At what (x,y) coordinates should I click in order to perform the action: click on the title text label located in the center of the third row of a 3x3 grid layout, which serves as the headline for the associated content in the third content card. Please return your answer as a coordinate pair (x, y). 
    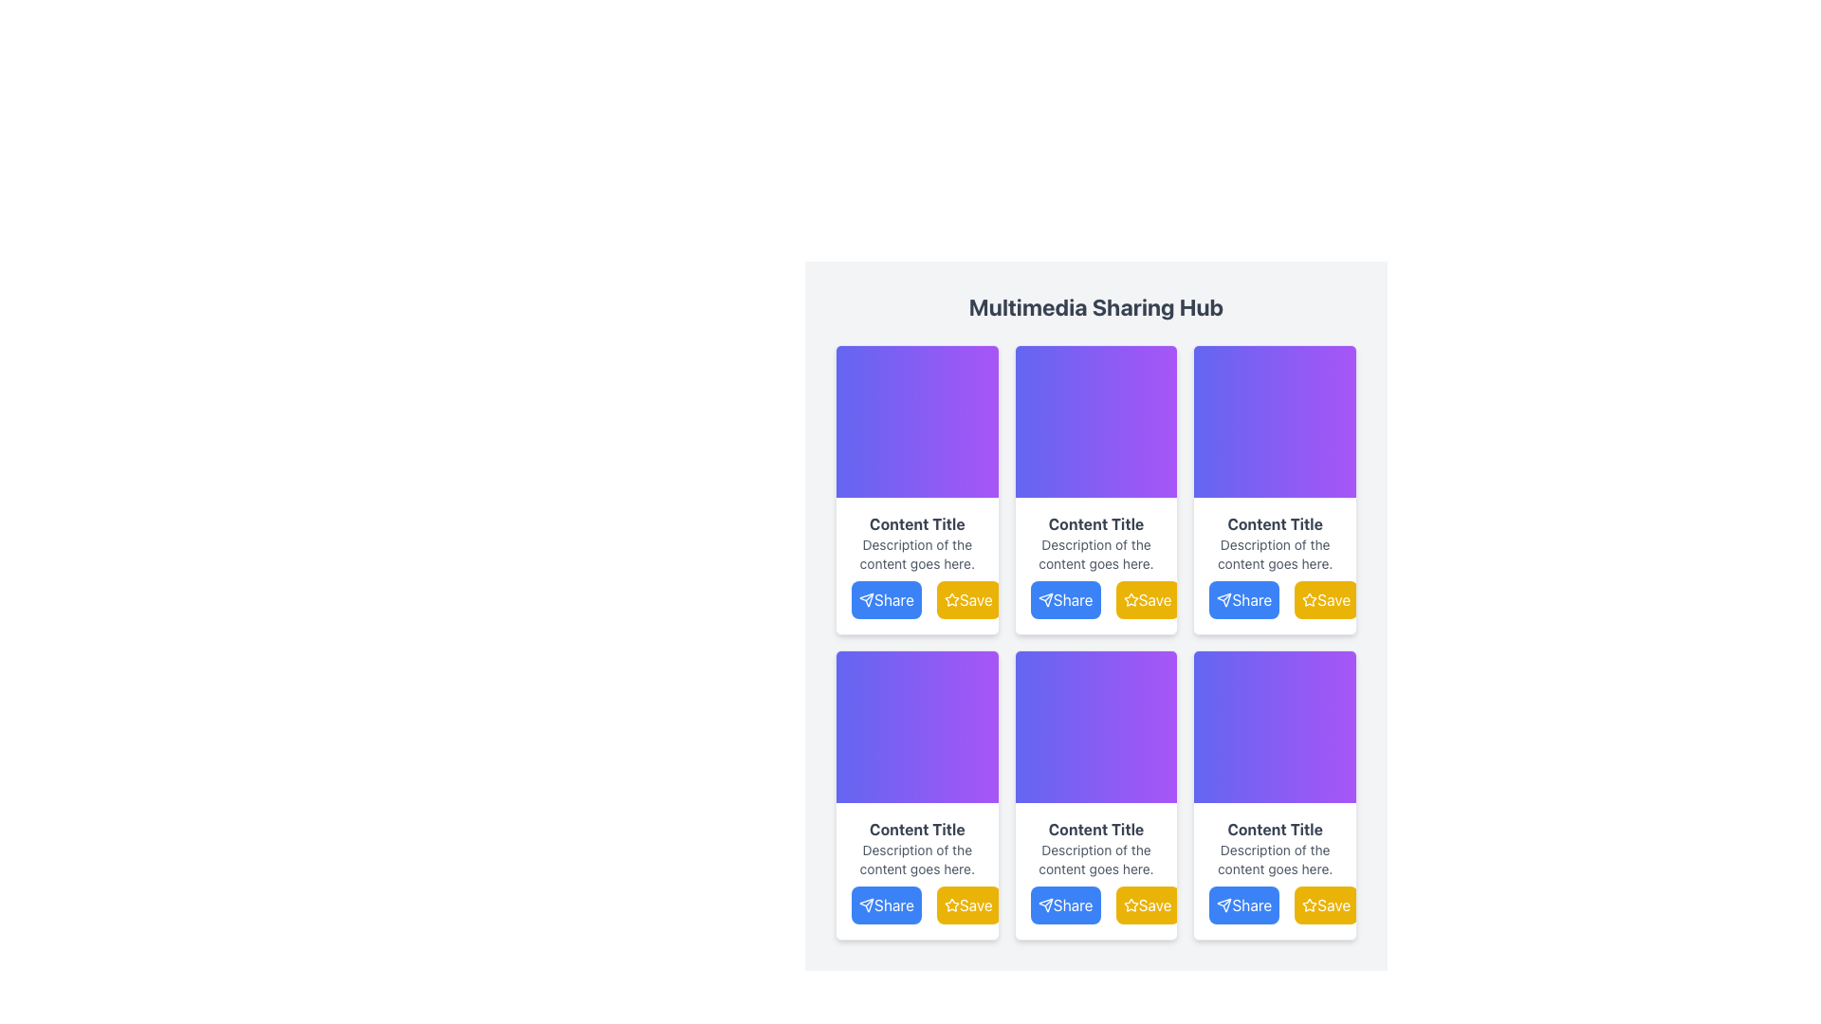
    Looking at the image, I should click on (1096, 829).